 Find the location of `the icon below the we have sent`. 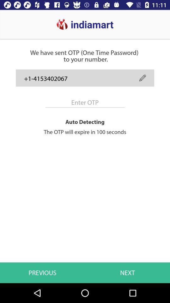

the icon below the we have sent is located at coordinates (143, 78).